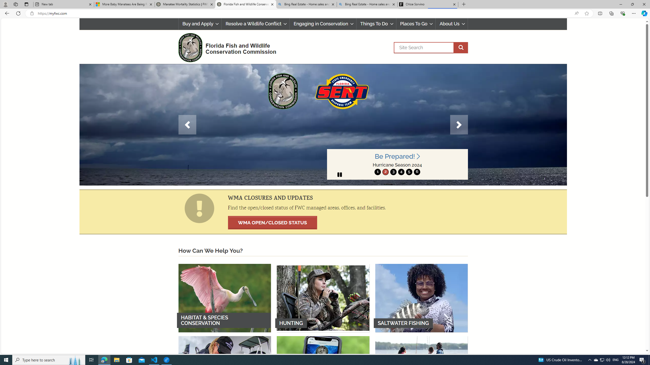  Describe the element at coordinates (323, 298) in the screenshot. I see `'HUNTING'` at that location.